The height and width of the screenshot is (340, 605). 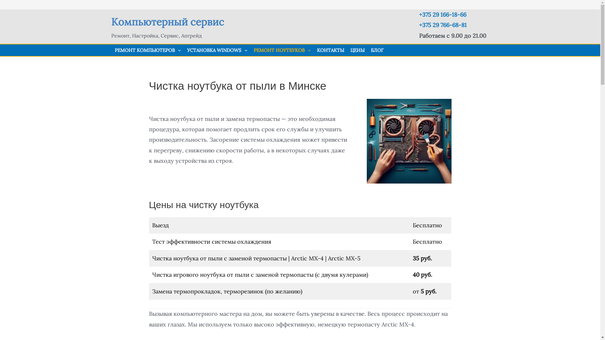 I want to click on '+375 29 766-68-81', so click(x=442, y=25).